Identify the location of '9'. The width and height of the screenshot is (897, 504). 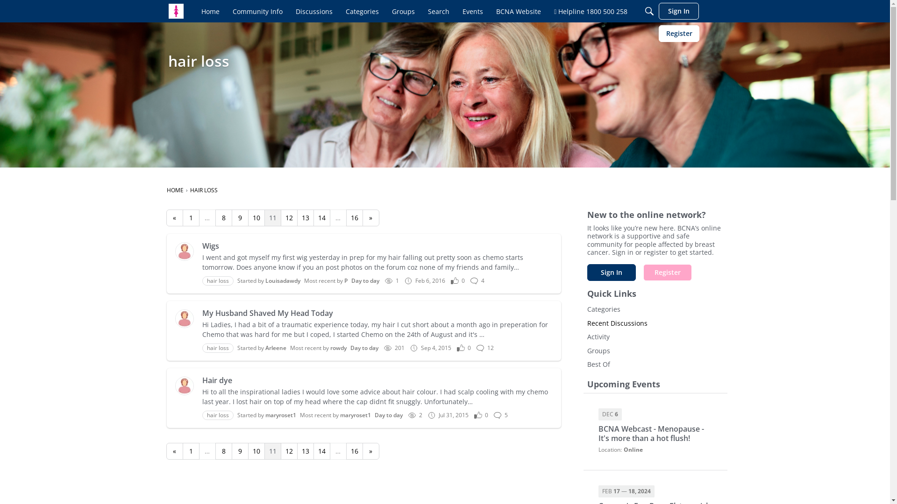
(240, 217).